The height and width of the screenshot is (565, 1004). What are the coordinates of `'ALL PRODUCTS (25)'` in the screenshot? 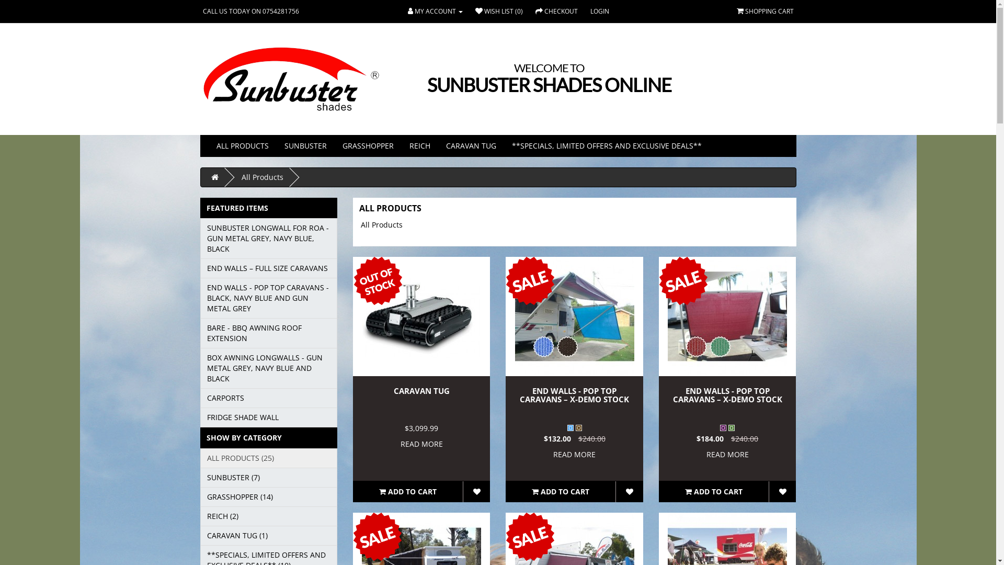 It's located at (268, 457).